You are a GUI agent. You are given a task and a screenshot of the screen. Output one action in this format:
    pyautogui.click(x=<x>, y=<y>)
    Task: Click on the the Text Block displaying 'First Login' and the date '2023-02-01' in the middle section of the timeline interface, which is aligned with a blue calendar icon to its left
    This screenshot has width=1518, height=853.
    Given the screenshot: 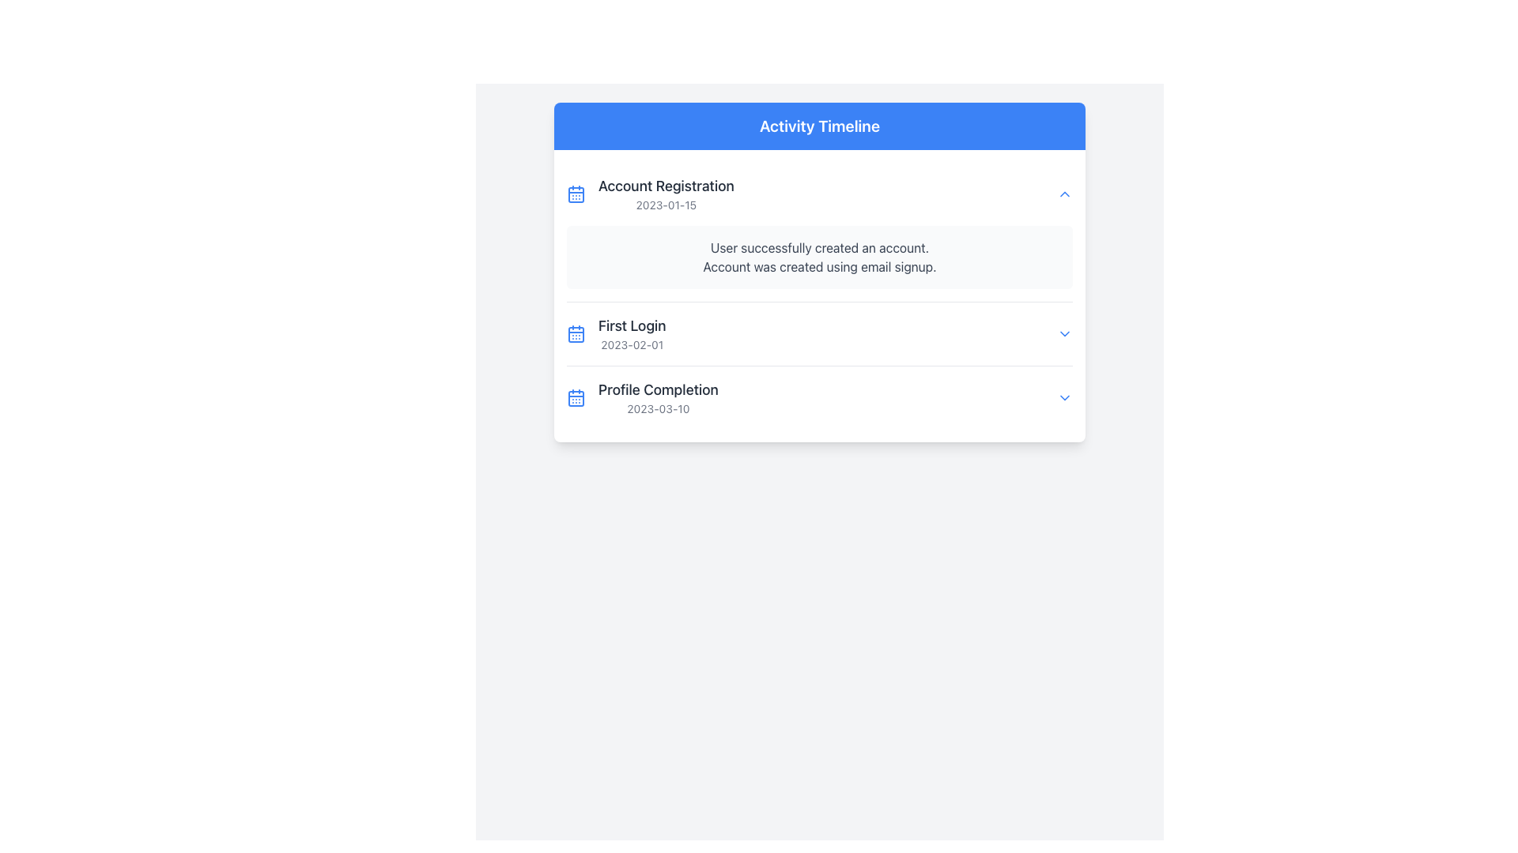 What is the action you would take?
    pyautogui.click(x=631, y=333)
    